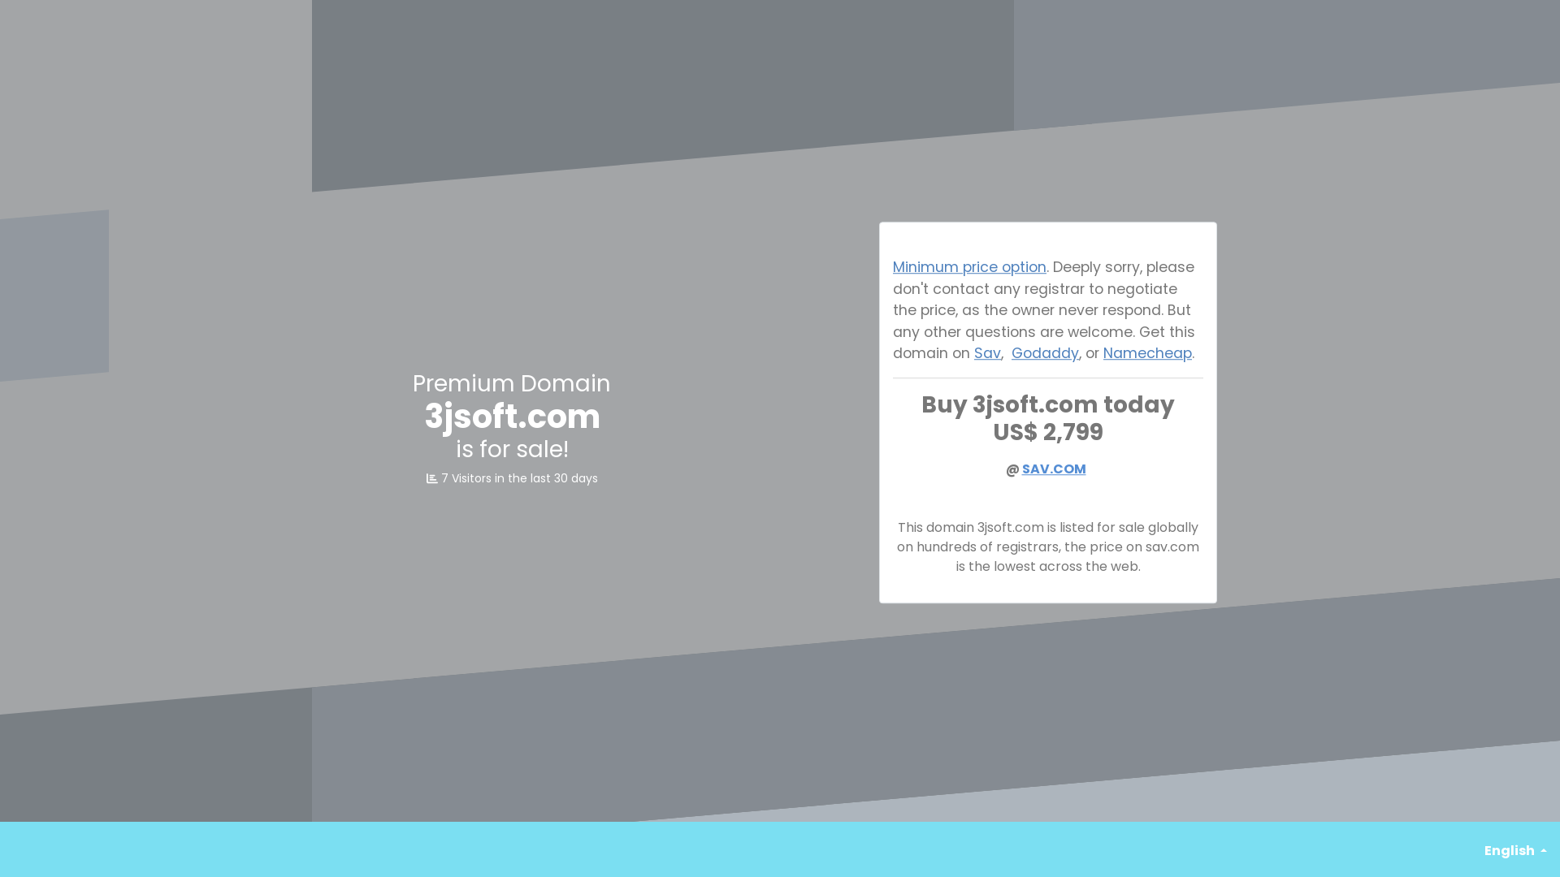  I want to click on 'Godaddy', so click(1045, 352).